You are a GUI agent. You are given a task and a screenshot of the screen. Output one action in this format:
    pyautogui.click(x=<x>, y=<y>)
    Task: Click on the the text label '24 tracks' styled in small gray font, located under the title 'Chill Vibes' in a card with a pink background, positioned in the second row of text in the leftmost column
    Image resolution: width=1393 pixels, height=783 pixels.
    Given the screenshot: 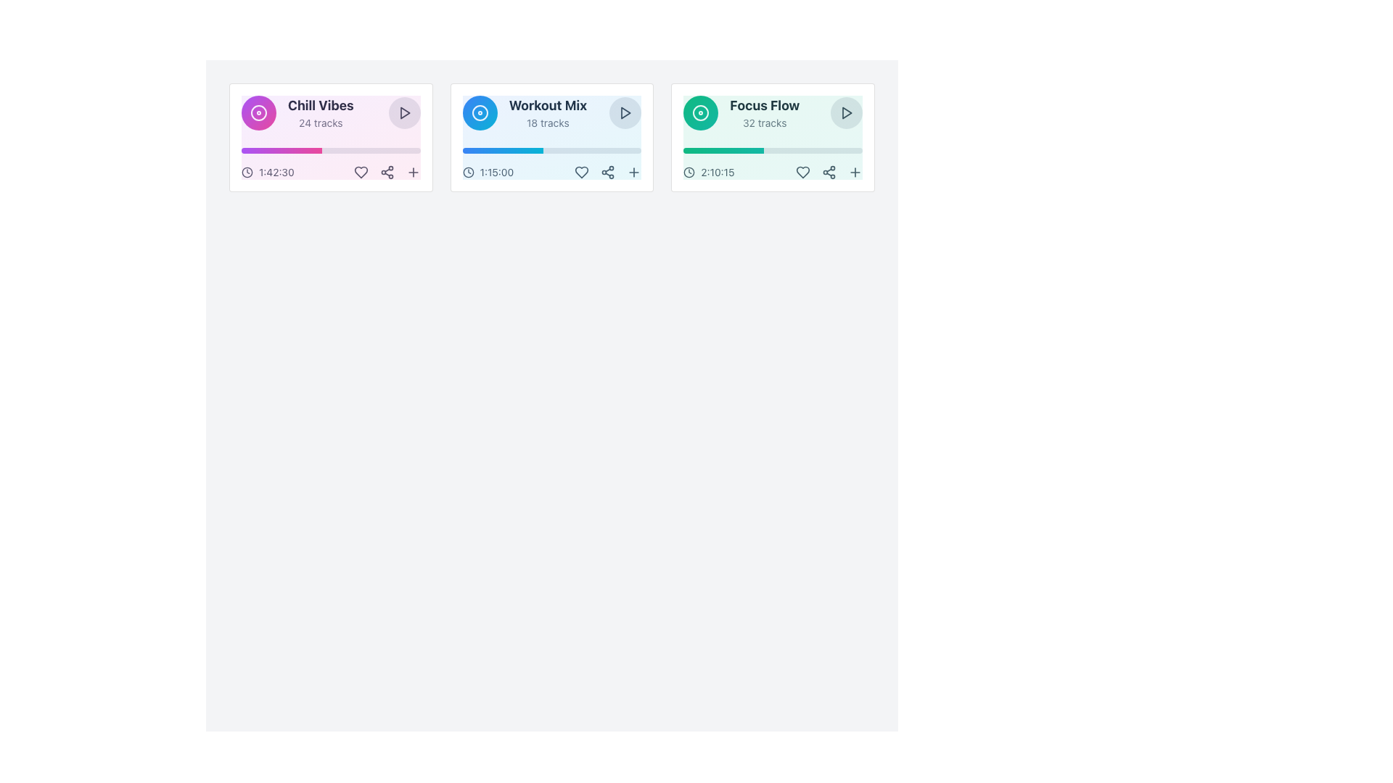 What is the action you would take?
    pyautogui.click(x=320, y=122)
    